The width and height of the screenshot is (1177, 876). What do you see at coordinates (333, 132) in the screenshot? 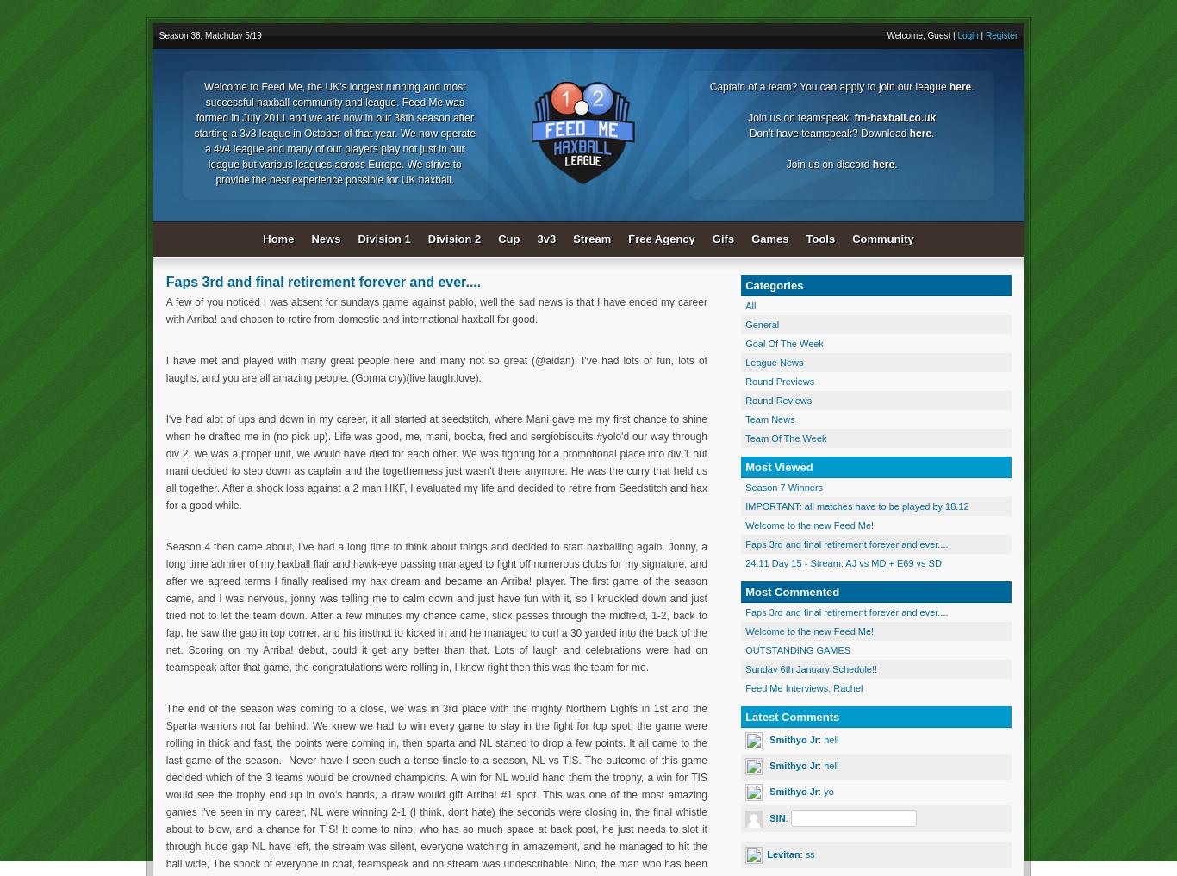
I see `'Welcome to Feed Me, the UK's longest running and most successful haxball community and league.
						Feed Me was formed in July 2011 and we are now in our 38th season after starting a 3v3 league in October of that year.
						We now operate a 4v4 league and many of our players play not just in our league but various leagues across Europe.
						We strive to provide the best experience possible for UK haxball.'` at bounding box center [333, 132].